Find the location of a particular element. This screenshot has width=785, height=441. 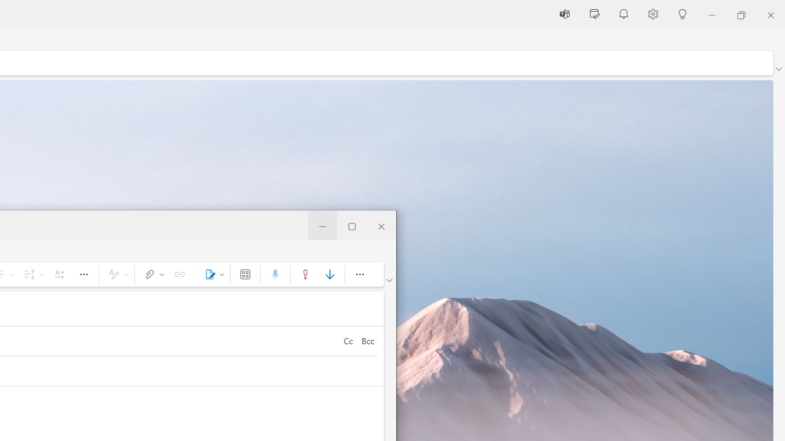

'Dictate' is located at coordinates (274, 273).